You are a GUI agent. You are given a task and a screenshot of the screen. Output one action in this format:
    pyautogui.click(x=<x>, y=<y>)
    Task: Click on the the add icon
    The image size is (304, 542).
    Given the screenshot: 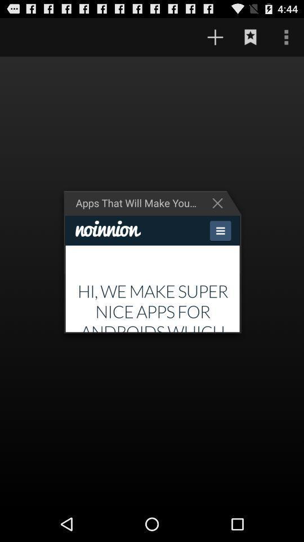 What is the action you would take?
    pyautogui.click(x=215, y=40)
    